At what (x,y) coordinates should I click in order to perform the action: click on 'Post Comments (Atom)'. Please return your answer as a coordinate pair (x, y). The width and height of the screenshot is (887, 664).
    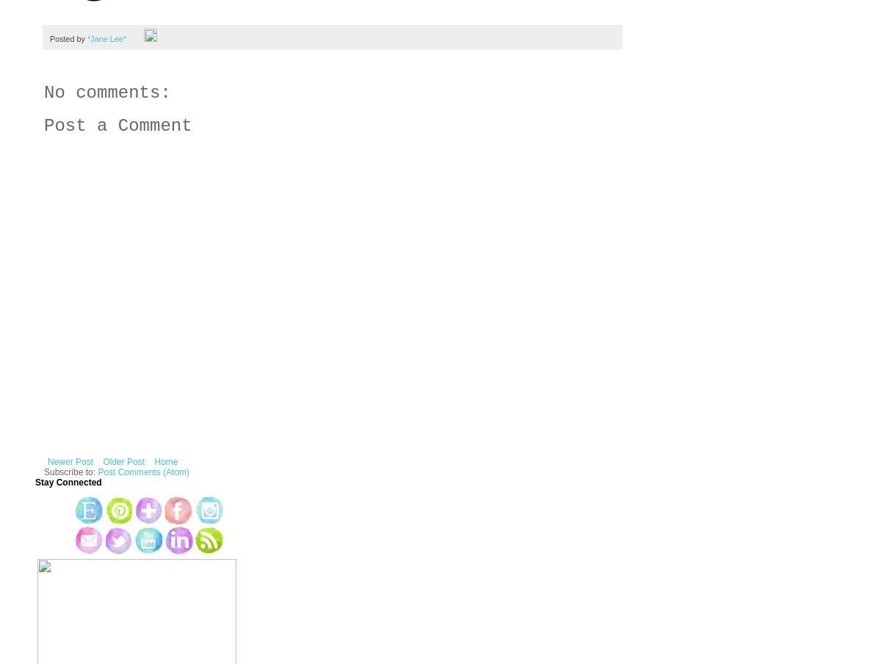
    Looking at the image, I should click on (143, 472).